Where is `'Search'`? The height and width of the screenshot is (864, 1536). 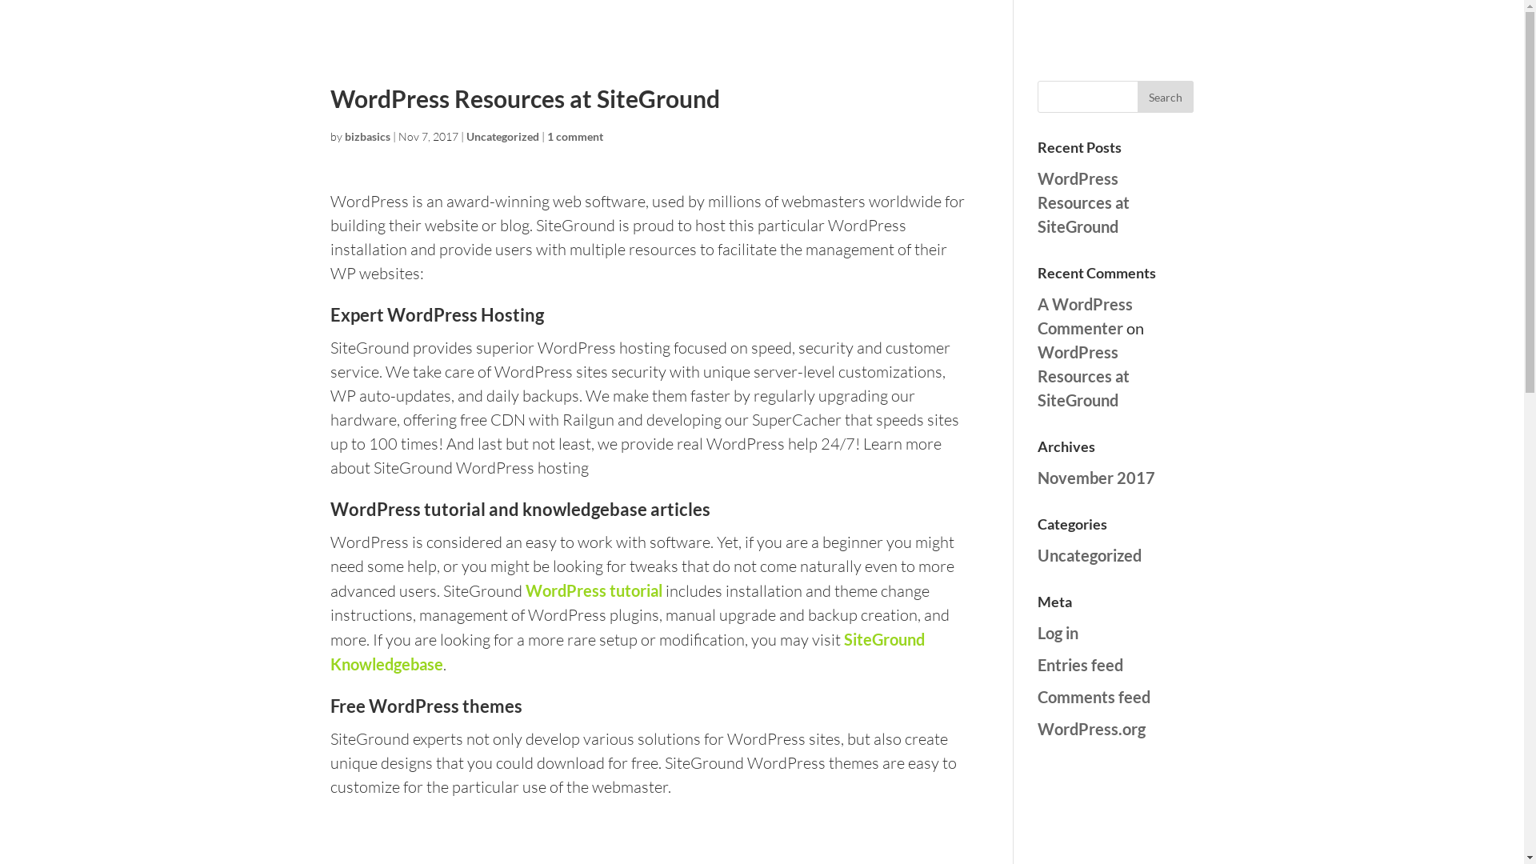
'Search' is located at coordinates (1136, 96).